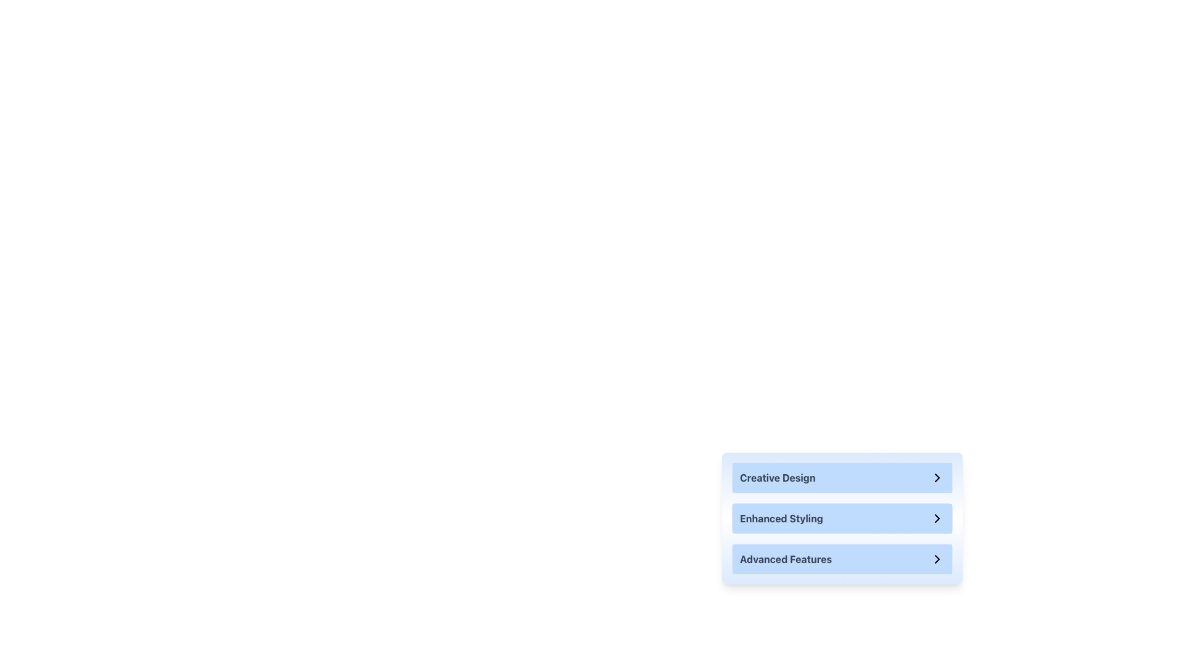 The height and width of the screenshot is (666, 1184). I want to click on the second button in the vertical list, so click(842, 518).